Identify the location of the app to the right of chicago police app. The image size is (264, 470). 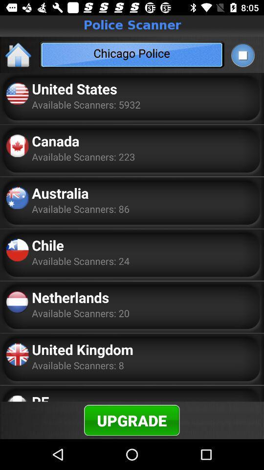
(242, 55).